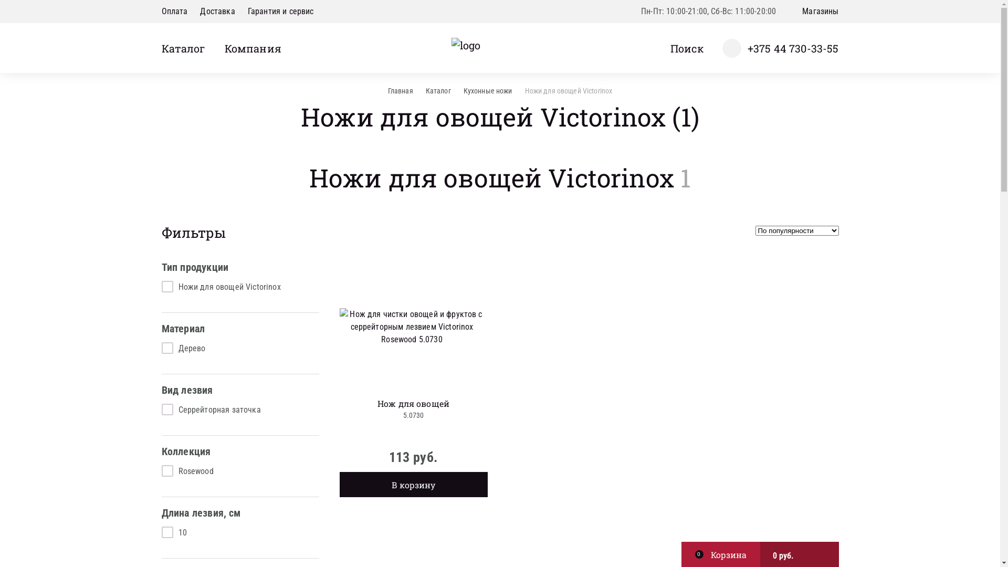 Image resolution: width=1008 pixels, height=567 pixels. Describe the element at coordinates (499, 3) in the screenshot. I see `'Y'` at that location.